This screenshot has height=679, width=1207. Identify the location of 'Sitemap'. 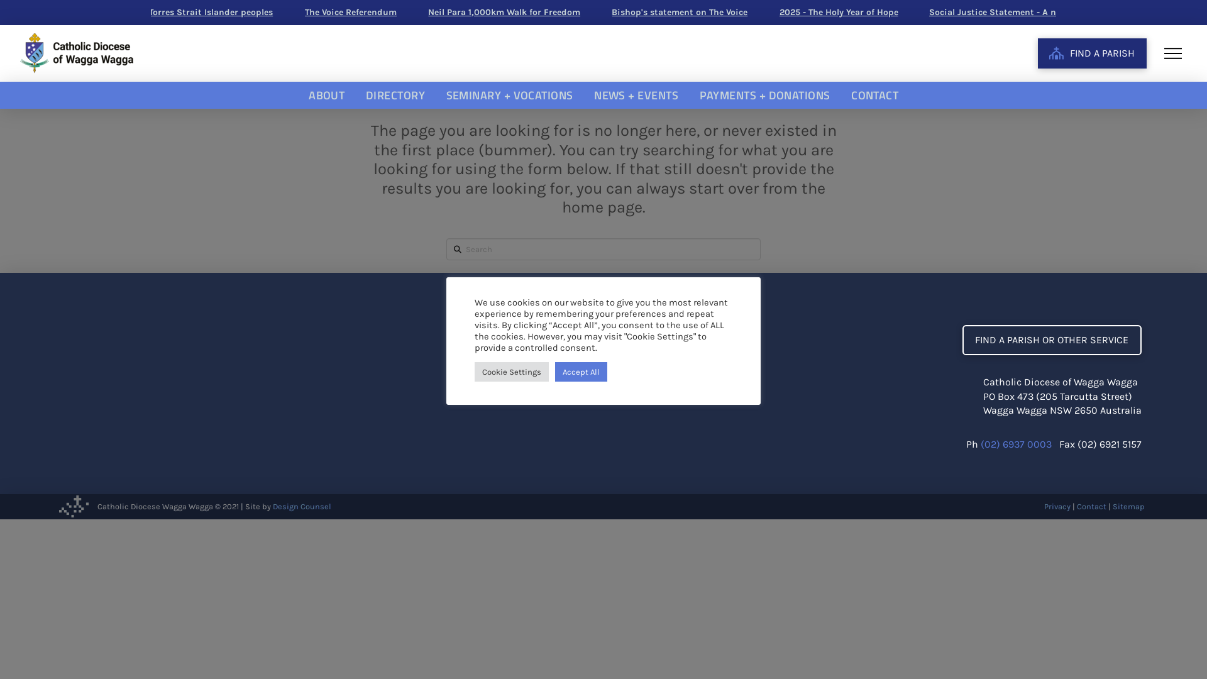
(1128, 505).